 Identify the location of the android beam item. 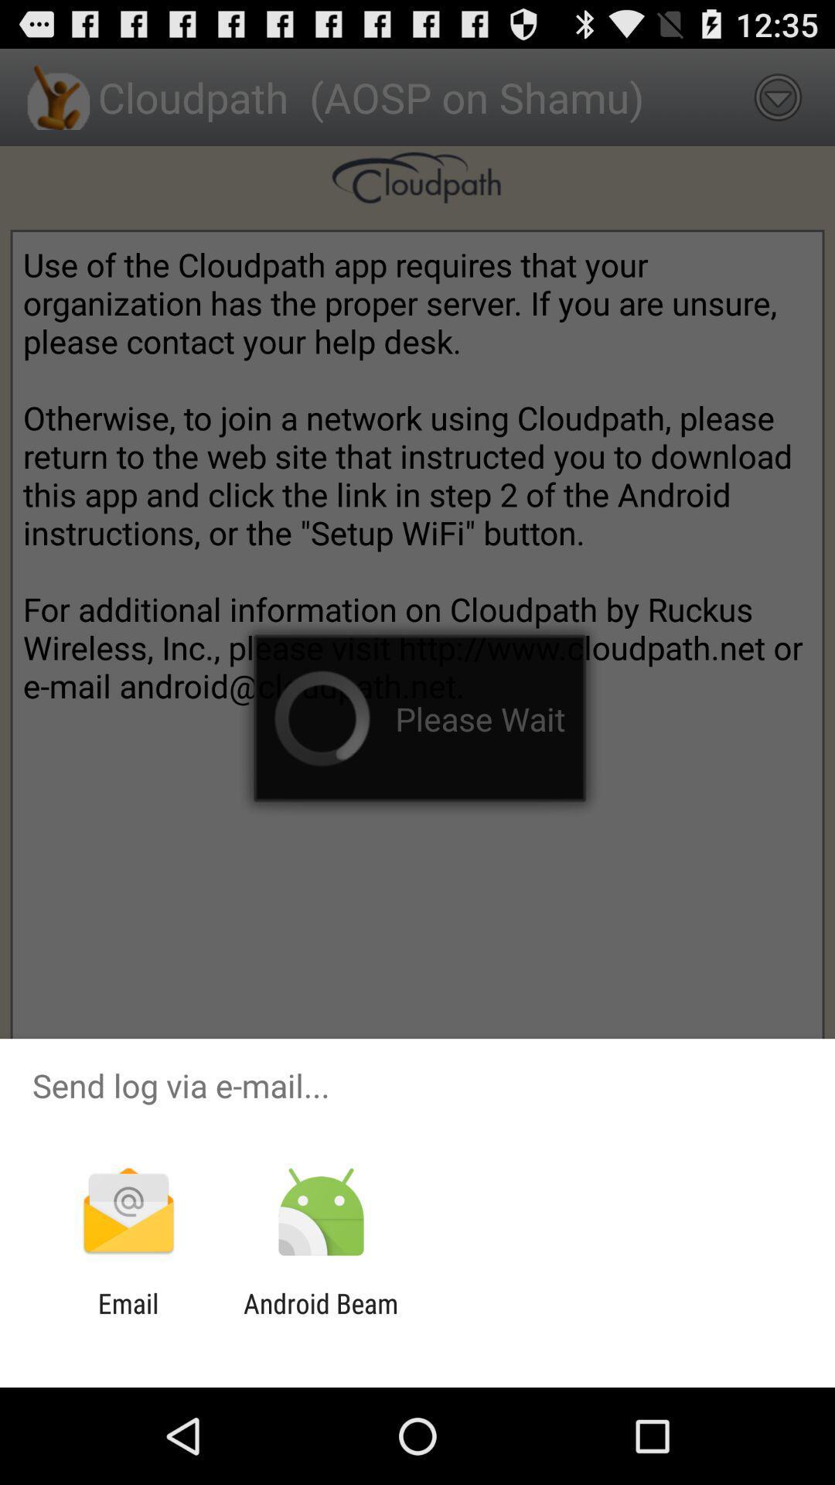
(320, 1319).